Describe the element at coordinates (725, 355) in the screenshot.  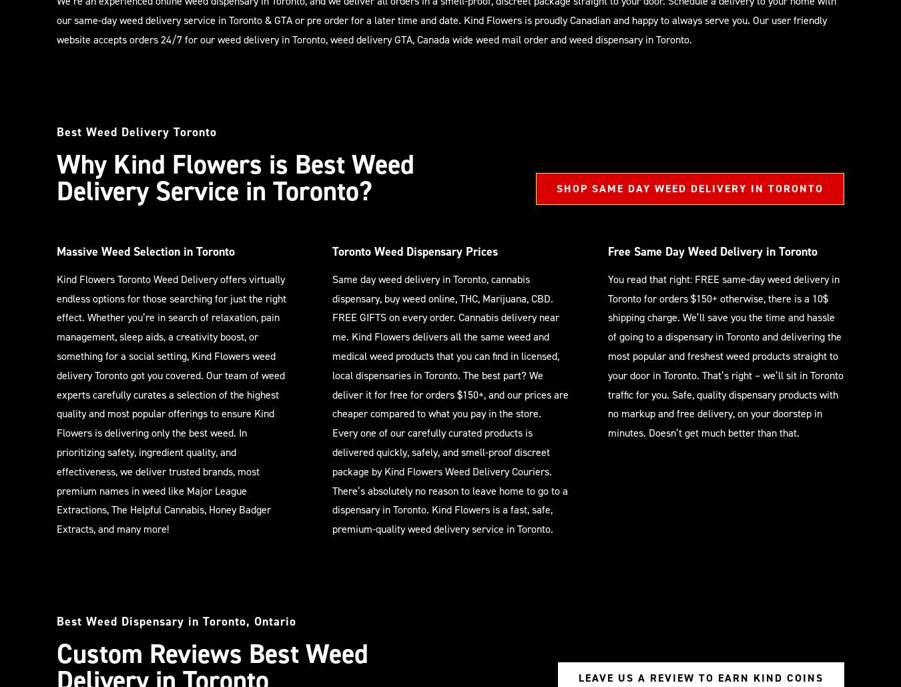
I see `'You read that right: FREE same-day weed delivery in Toronto for orders $150+ otherwise, there is a 10$ shipping charge. We’ll save you the time and hassle of going to a dispensary in Toronto and delivering the most popular and freshest weed products straight to your door in Toronto. That’s right – we’ll sit in Toronto traffic for you. Safe, quality dispensary products with no markup and free delivery, on your doorstep in minutes. Doesn’t get much better than that.'` at that location.